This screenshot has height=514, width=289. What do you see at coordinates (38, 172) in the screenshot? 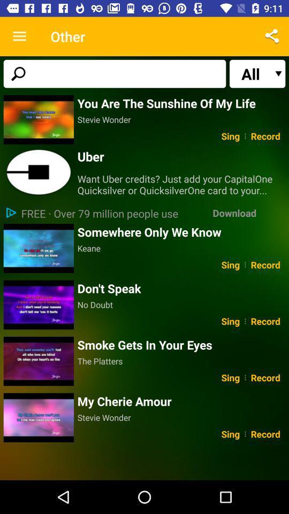
I see `the item above free over 79` at bounding box center [38, 172].